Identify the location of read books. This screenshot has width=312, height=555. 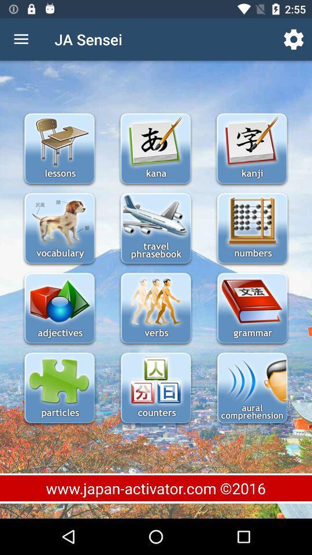
(251, 309).